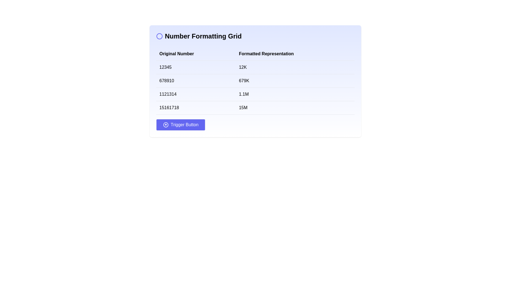  Describe the element at coordinates (255, 108) in the screenshot. I see `the fourth row in the 'Number Formatting Grid' table that displays 'Original Number' as '15161718' and 'Formatted Representation' as '15M' to interact with it` at that location.